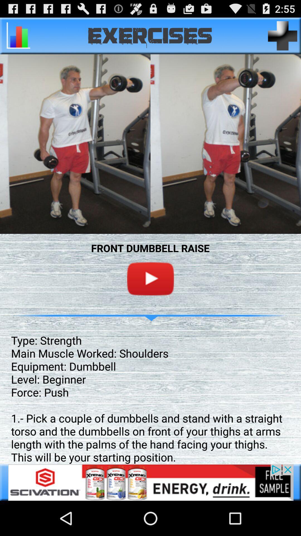  I want to click on the add icon, so click(283, 38).